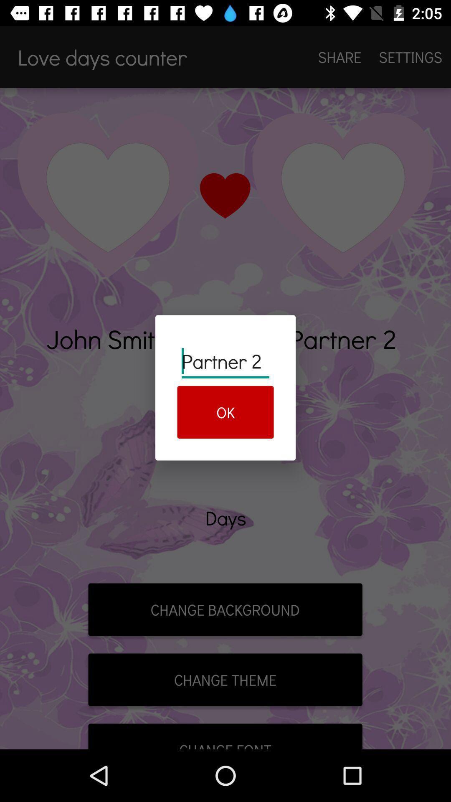  What do you see at coordinates (225, 361) in the screenshot?
I see `the partner 2 item` at bounding box center [225, 361].